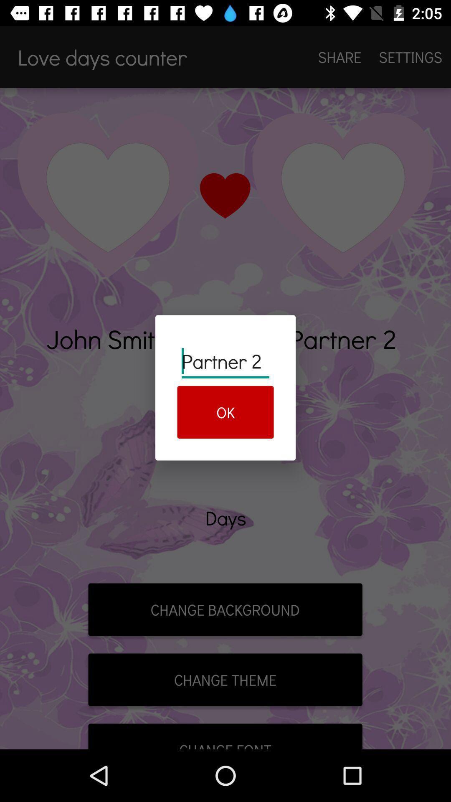  What do you see at coordinates (225, 361) in the screenshot?
I see `the partner 2 item` at bounding box center [225, 361].